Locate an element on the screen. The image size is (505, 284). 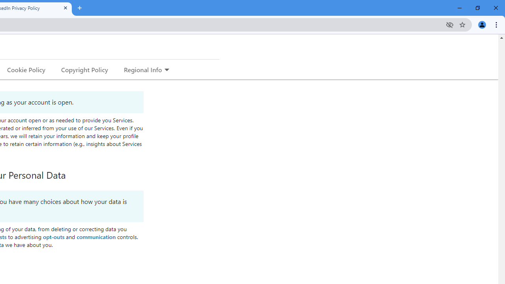
'Expand to show more links for Regional Info' is located at coordinates (166, 70).